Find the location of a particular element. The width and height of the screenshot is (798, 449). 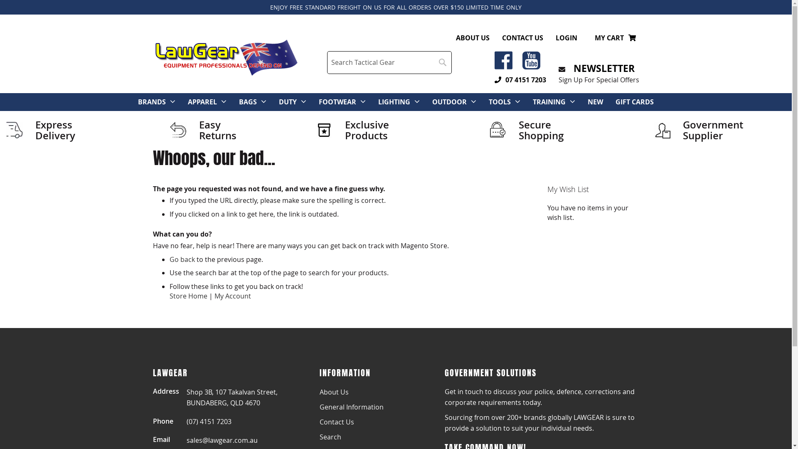

'Store Home' is located at coordinates (169, 296).